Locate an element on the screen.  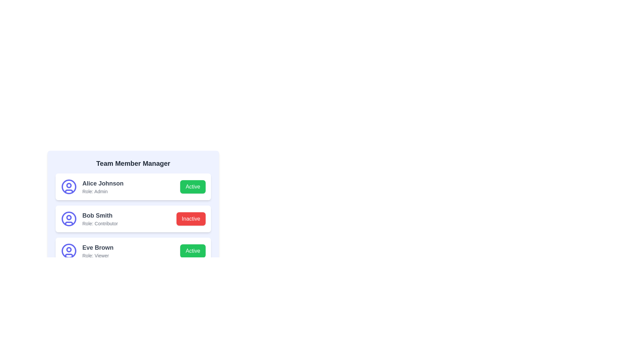
the circular avatar icon representing 'Eve Brown Role: Viewer' in the team members list is located at coordinates (69, 251).